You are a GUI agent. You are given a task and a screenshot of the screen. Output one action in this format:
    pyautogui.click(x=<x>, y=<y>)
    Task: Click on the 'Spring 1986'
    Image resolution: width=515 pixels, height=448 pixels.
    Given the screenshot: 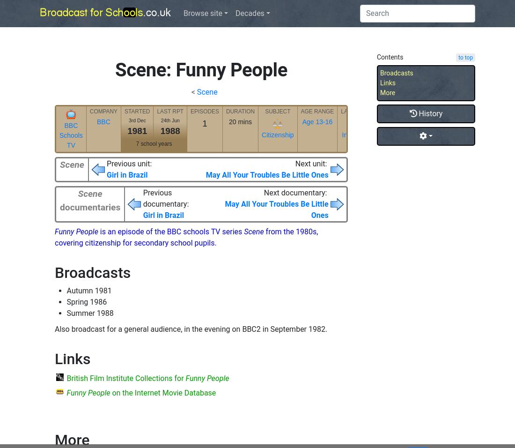 What is the action you would take?
    pyautogui.click(x=66, y=302)
    